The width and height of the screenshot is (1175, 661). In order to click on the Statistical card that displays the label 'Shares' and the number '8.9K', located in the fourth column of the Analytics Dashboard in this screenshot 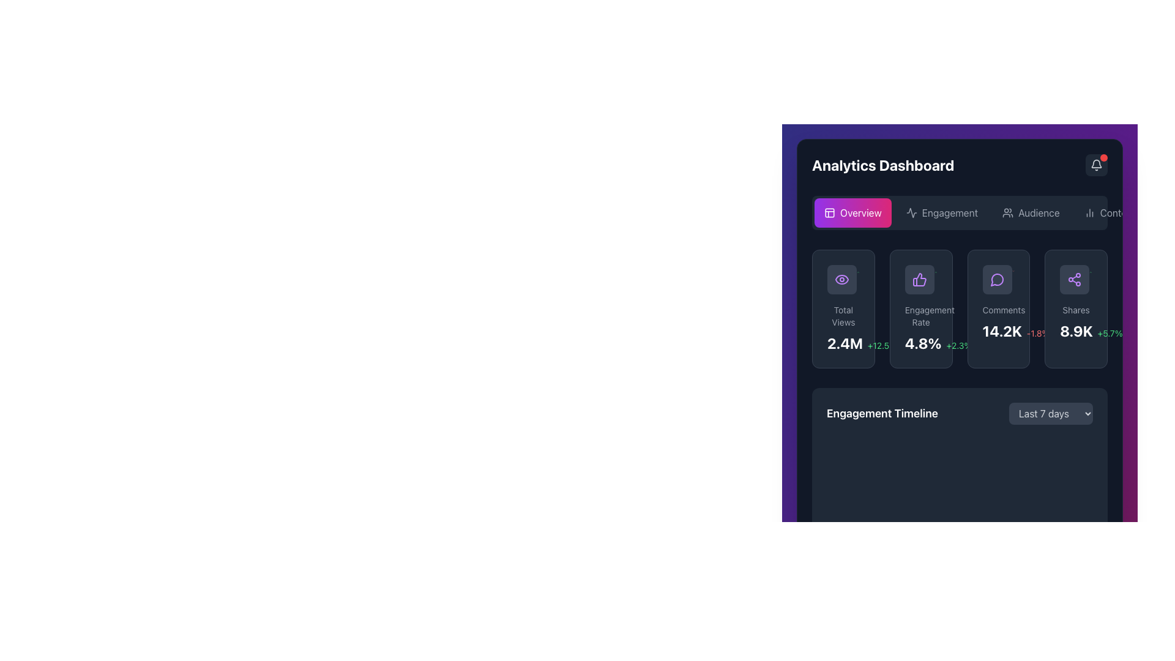, I will do `click(1075, 308)`.